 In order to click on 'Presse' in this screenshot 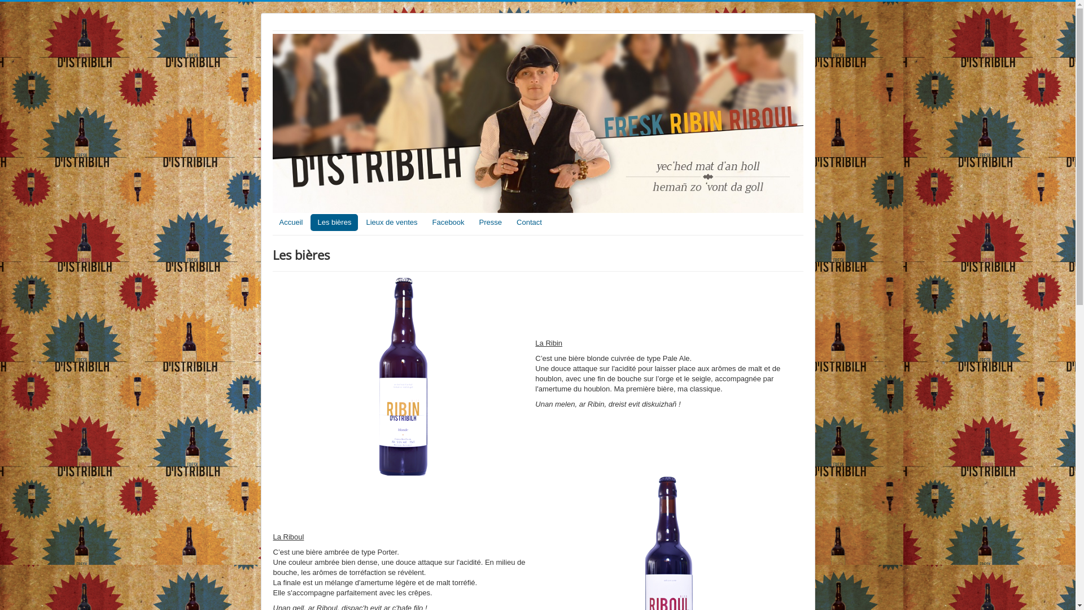, I will do `click(490, 222)`.